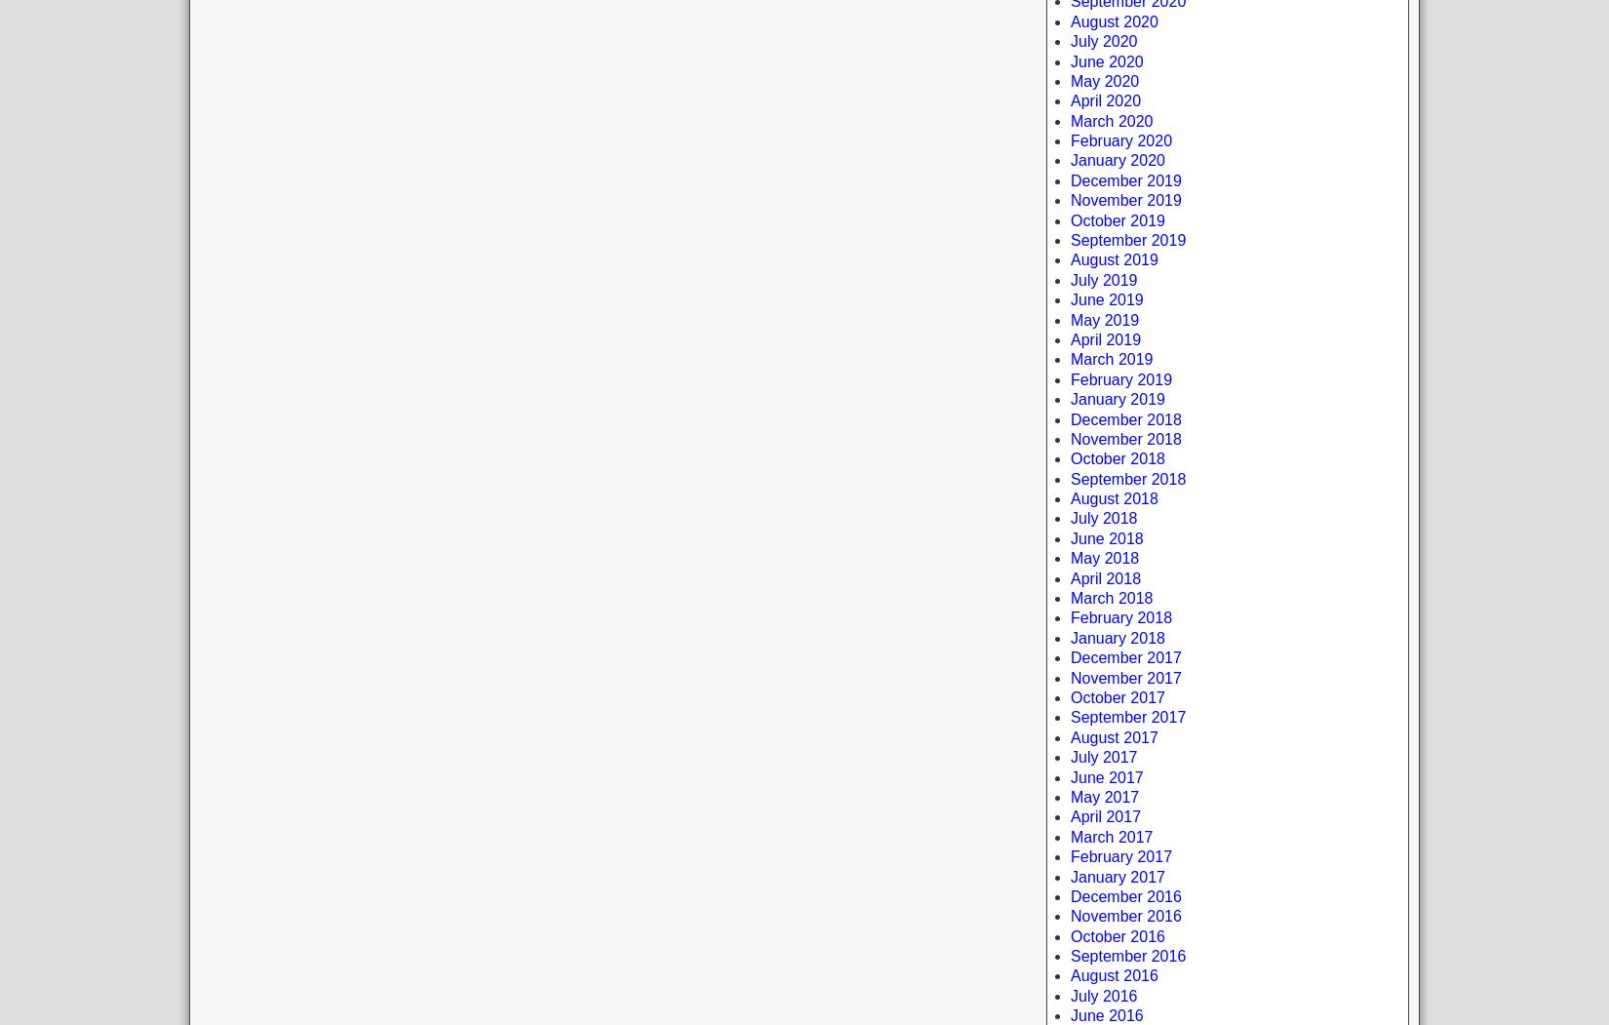  What do you see at coordinates (1111, 597) in the screenshot?
I see `'March 2018'` at bounding box center [1111, 597].